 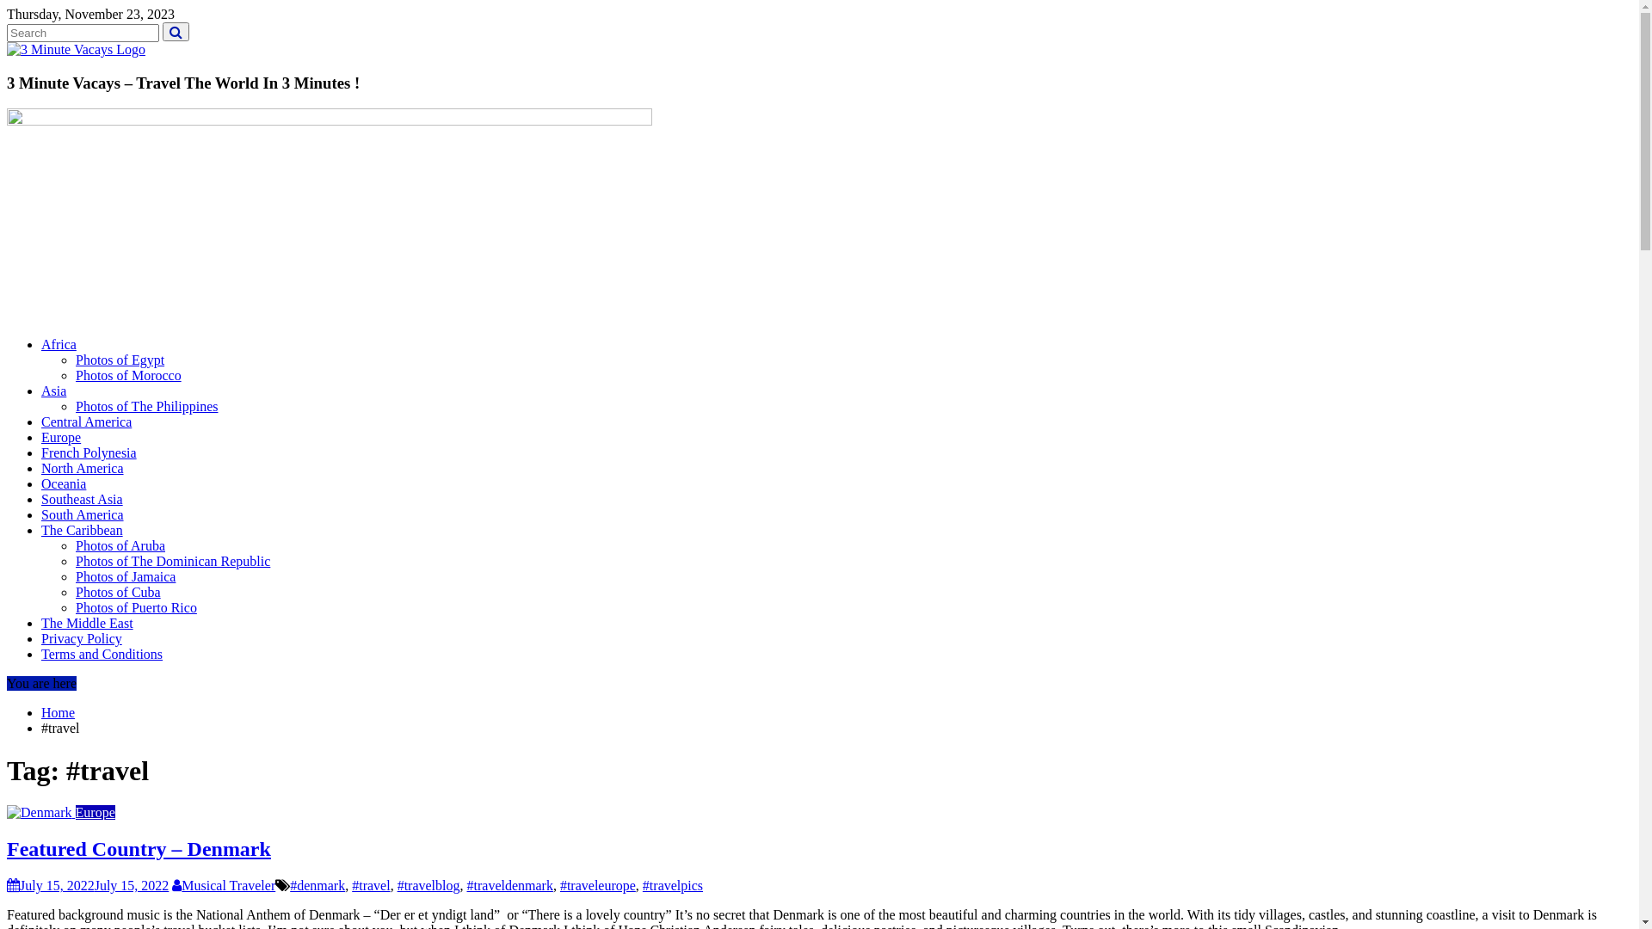 I want to click on 'Central America', so click(x=85, y=421).